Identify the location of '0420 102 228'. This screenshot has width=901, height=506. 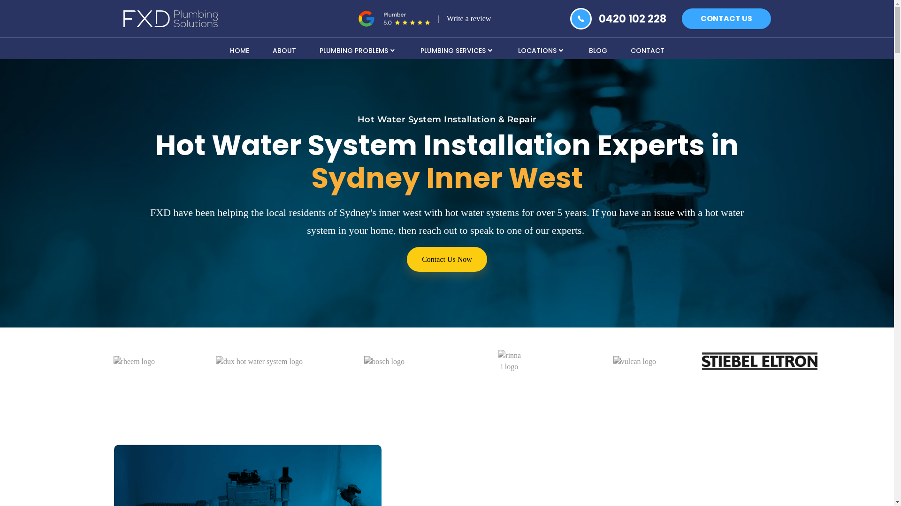
(633, 19).